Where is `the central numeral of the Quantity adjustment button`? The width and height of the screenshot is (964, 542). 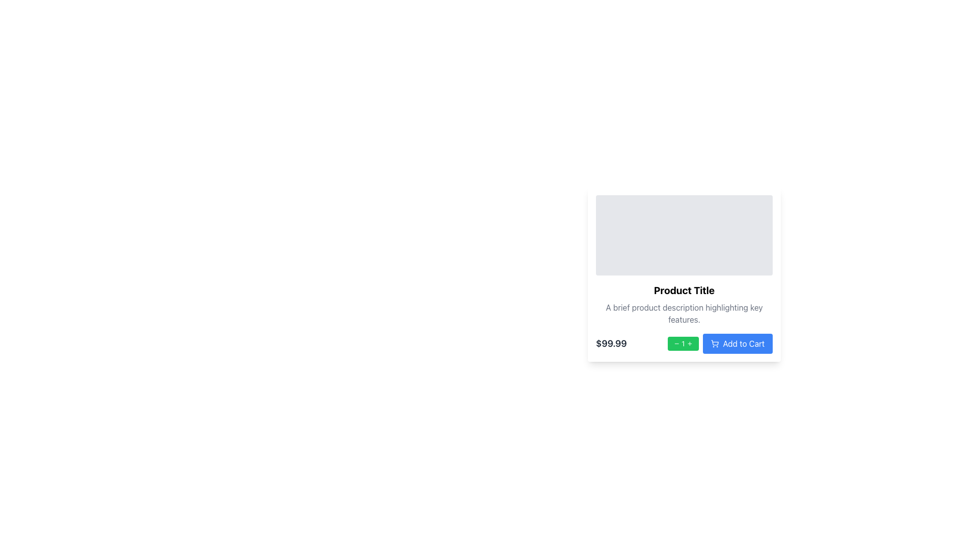
the central numeral of the Quantity adjustment button is located at coordinates (683, 343).